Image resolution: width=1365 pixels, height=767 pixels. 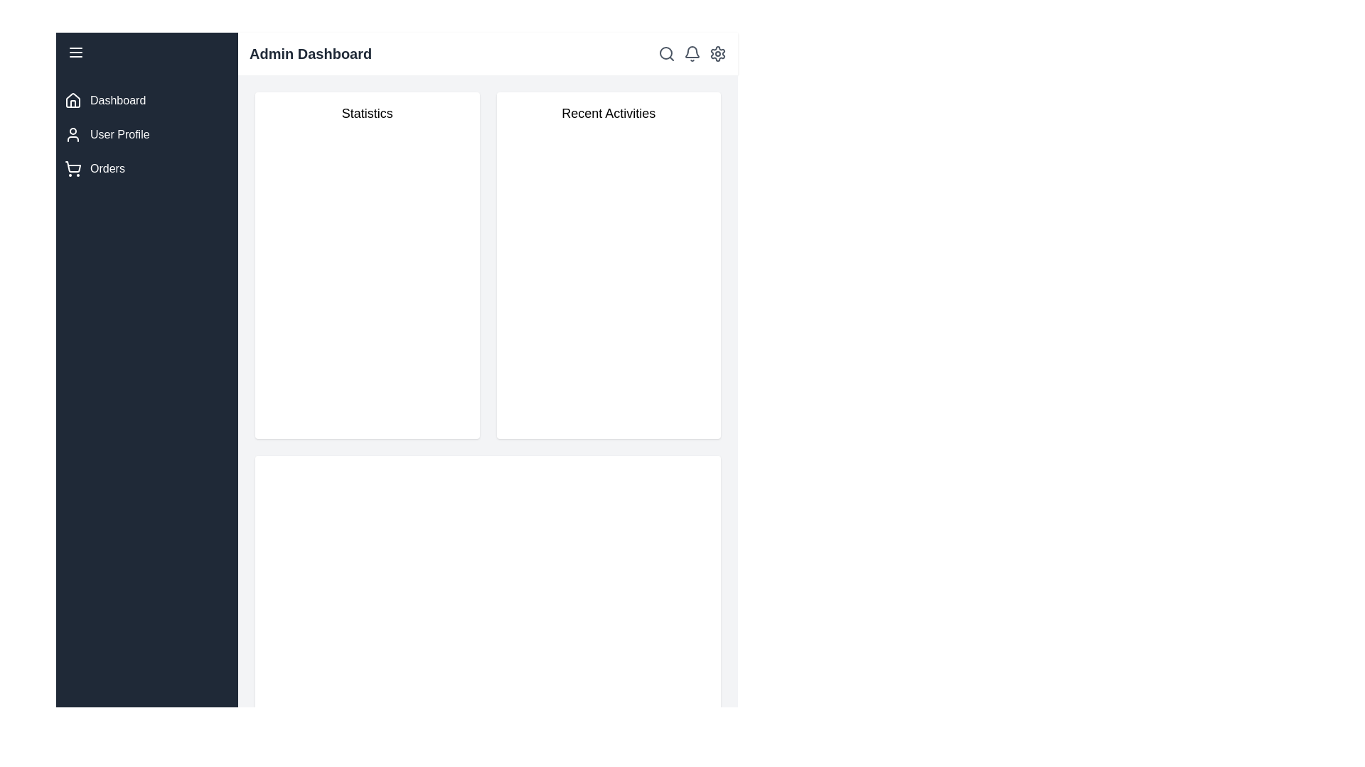 I want to click on the shopping cart icon located in the left navigational sidebar, positioned between the 'User Profile' icon and the 'Orders' label, so click(x=73, y=166).